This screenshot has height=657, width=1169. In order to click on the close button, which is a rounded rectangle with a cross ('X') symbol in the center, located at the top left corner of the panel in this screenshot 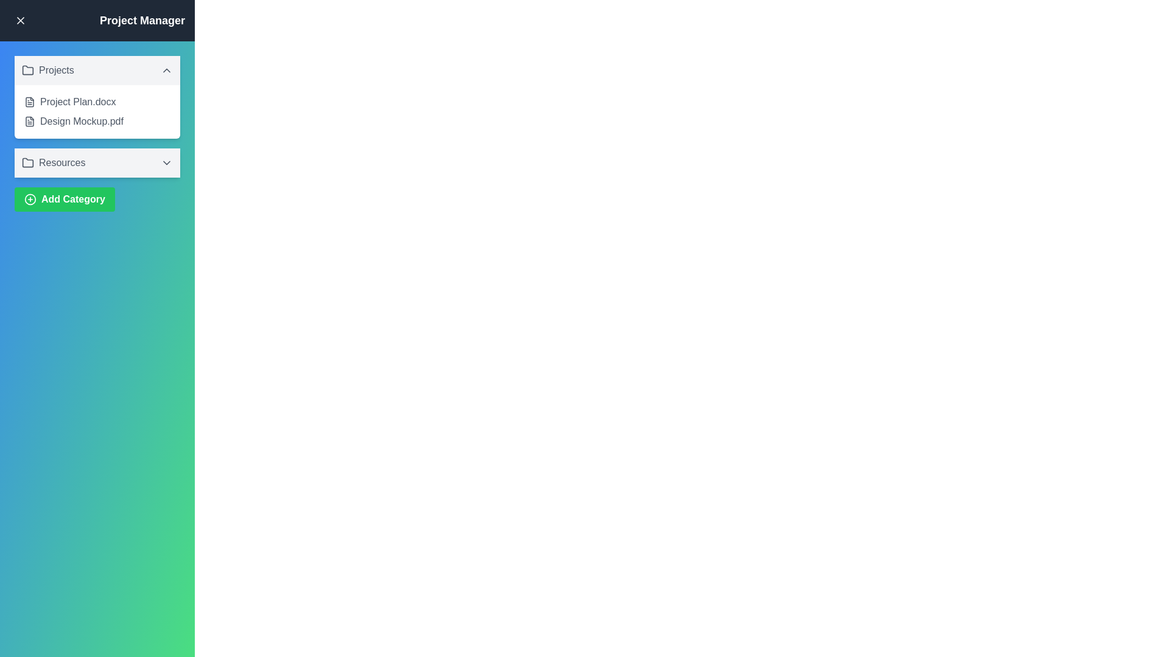, I will do `click(20, 21)`.